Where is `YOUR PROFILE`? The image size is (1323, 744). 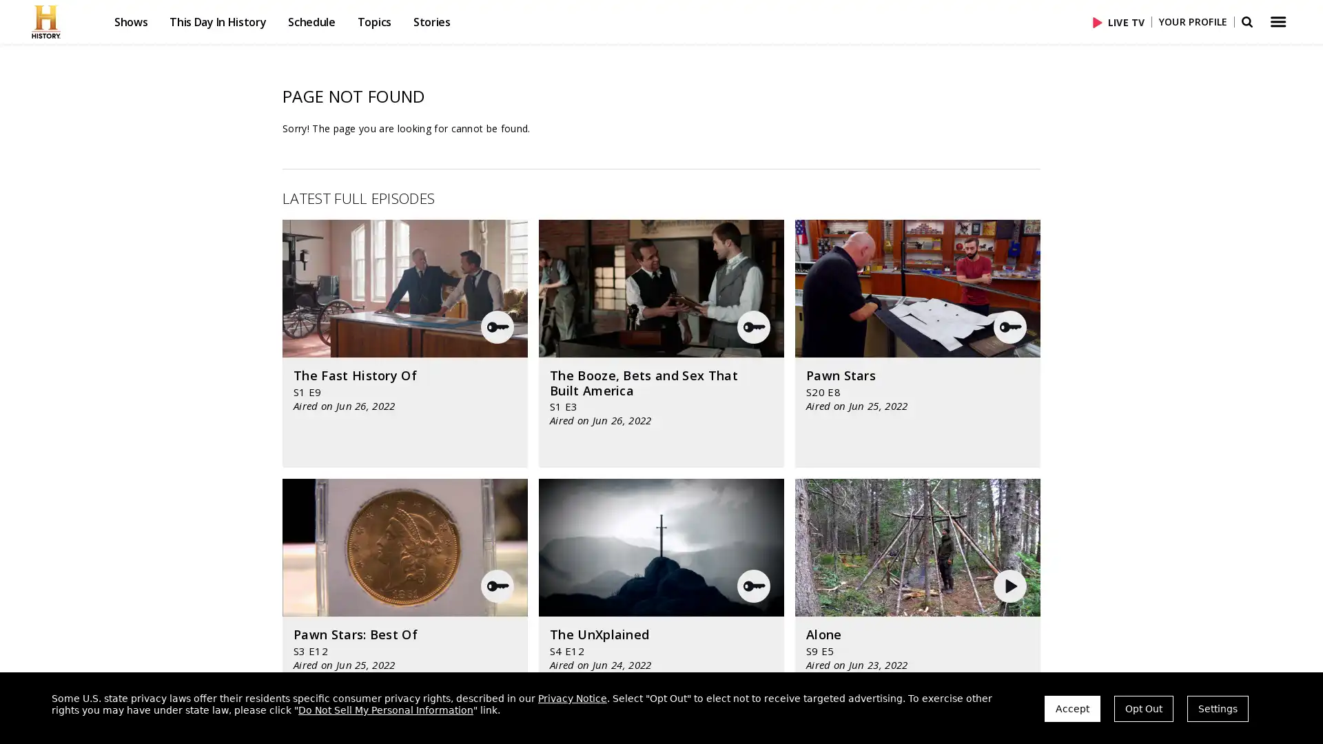
YOUR PROFILE is located at coordinates (1192, 21).